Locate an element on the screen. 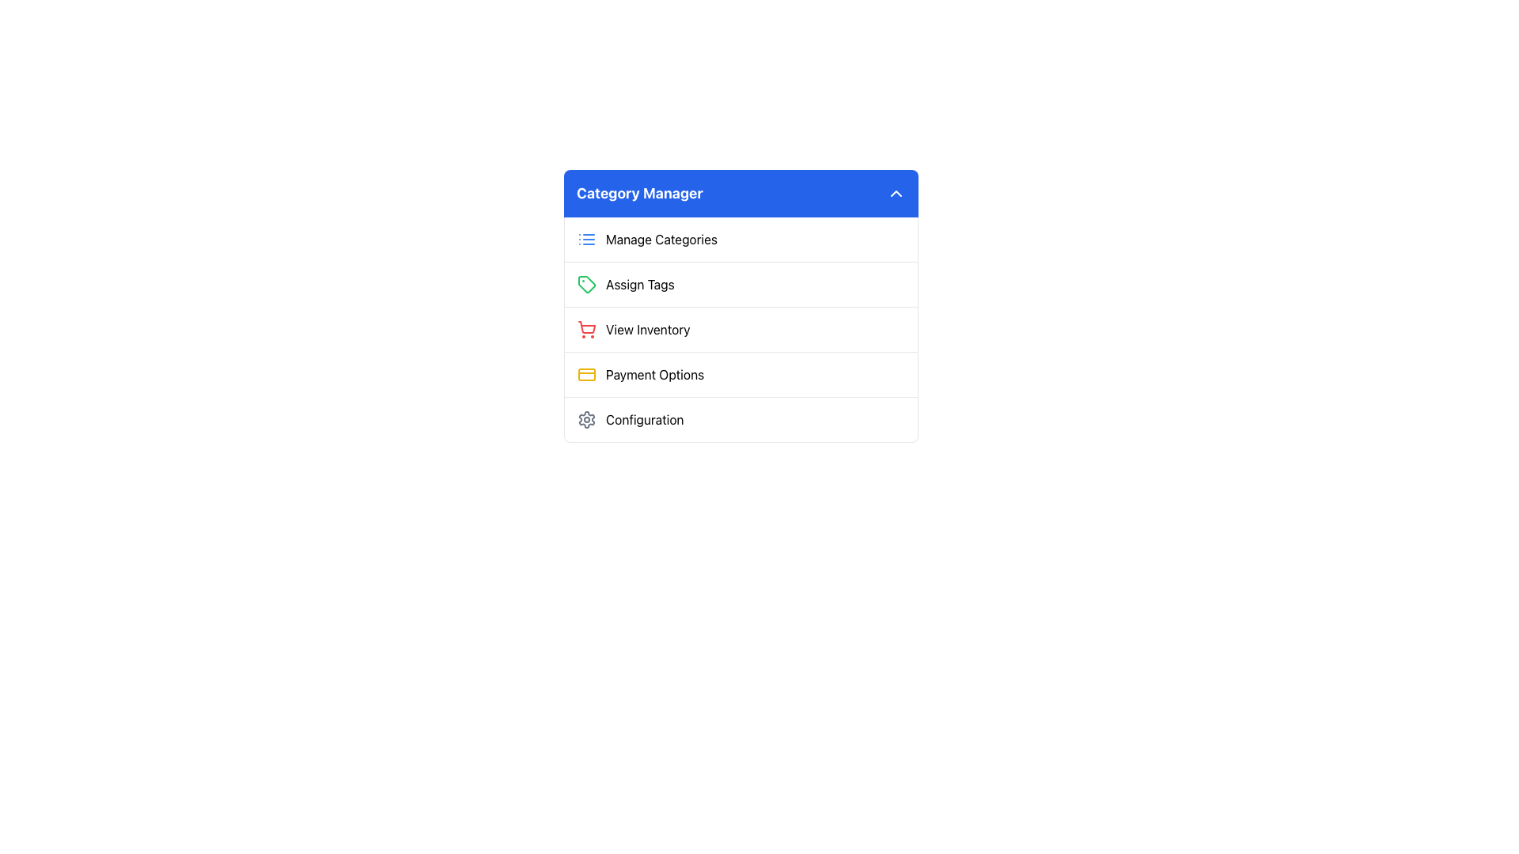 This screenshot has width=1519, height=854. the 'Category Manager' text label, which is styled in bold and large white font on the left part of the blue header bar is located at coordinates (639, 193).